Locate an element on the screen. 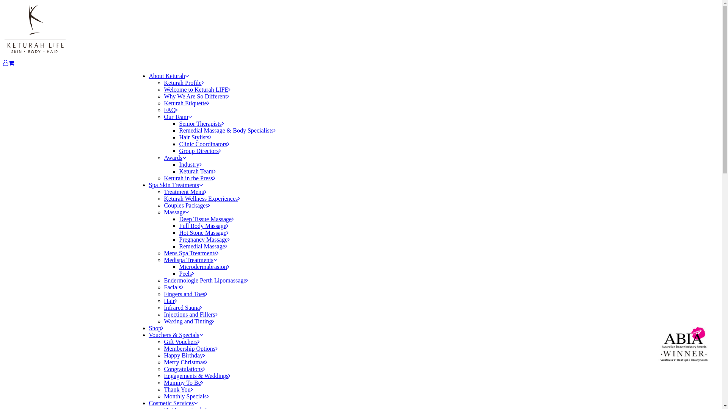 Image resolution: width=728 pixels, height=409 pixels. 'Cosmetic Services' is located at coordinates (173, 403).